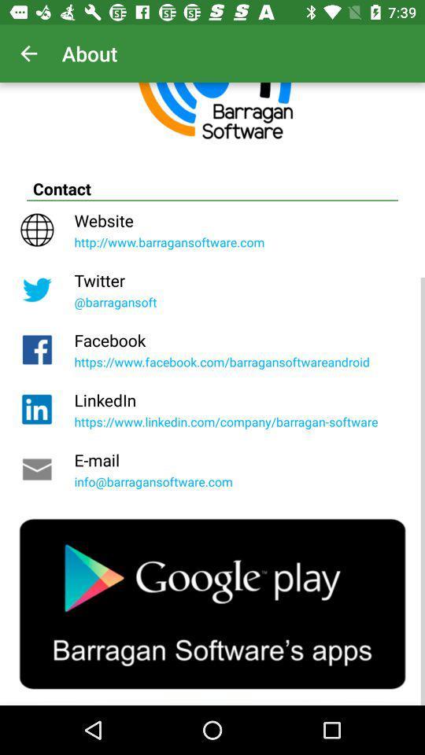 Image resolution: width=425 pixels, height=755 pixels. Describe the element at coordinates (28, 53) in the screenshot. I see `app next to the about` at that location.